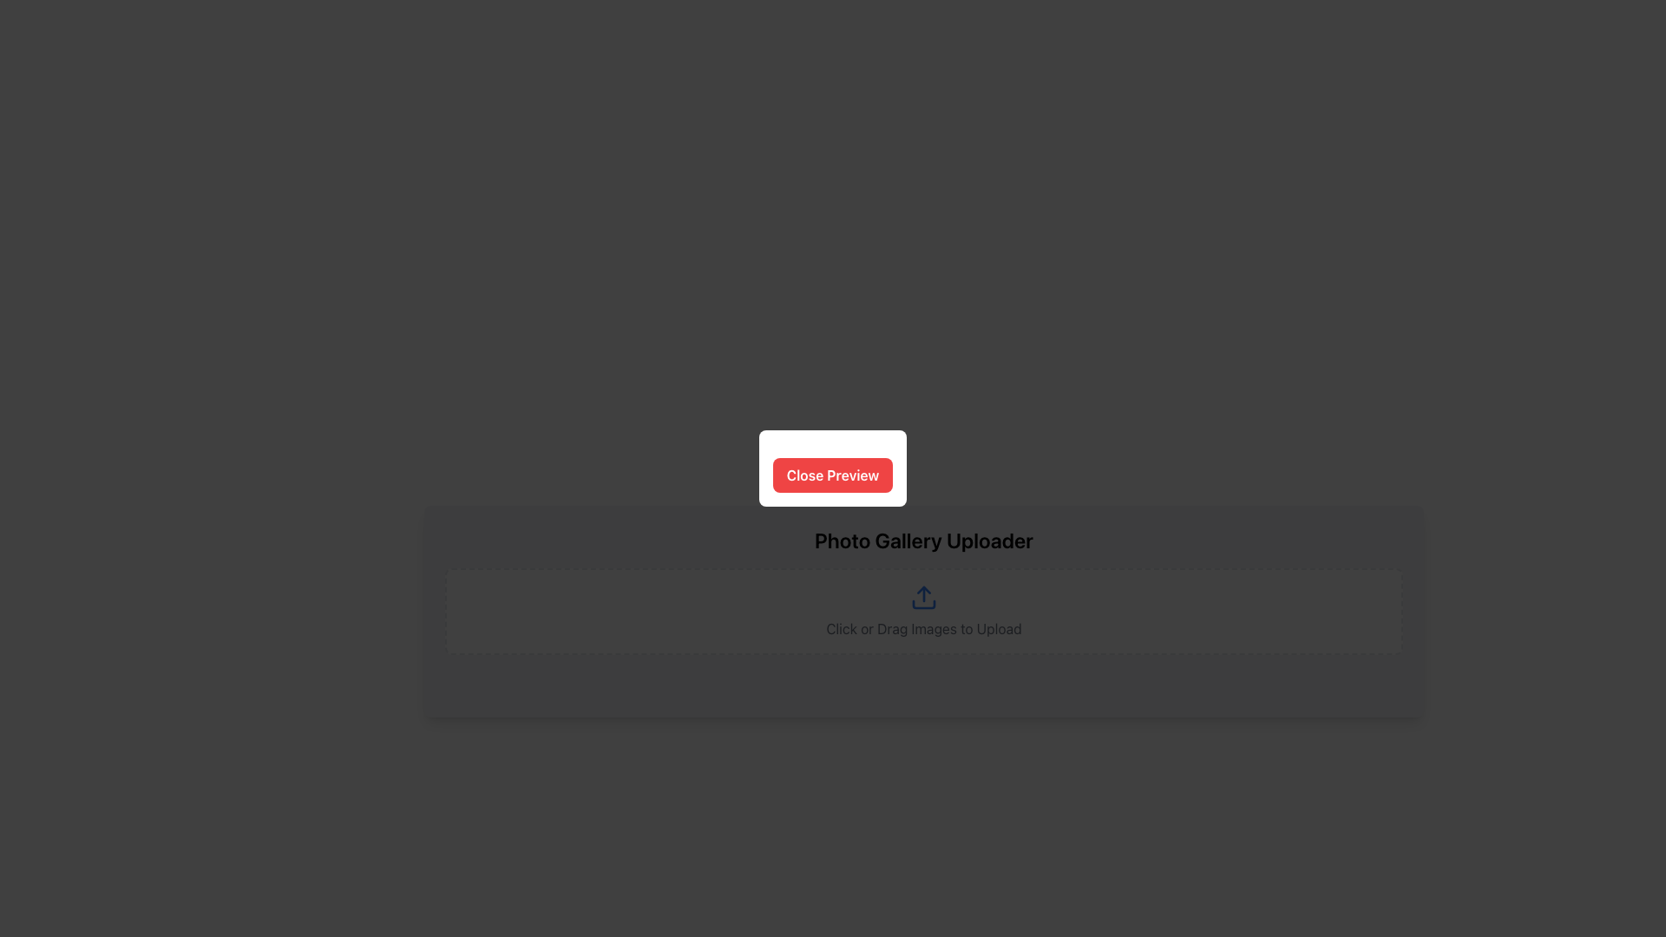 The image size is (1666, 937). I want to click on the 'Close Preview' button with a red background and bold white text, so click(833, 468).